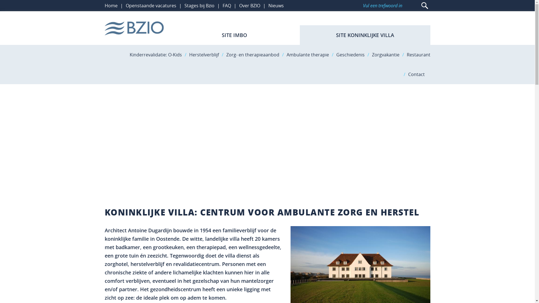 The height and width of the screenshot is (303, 539). I want to click on 'FAQ', so click(226, 5).